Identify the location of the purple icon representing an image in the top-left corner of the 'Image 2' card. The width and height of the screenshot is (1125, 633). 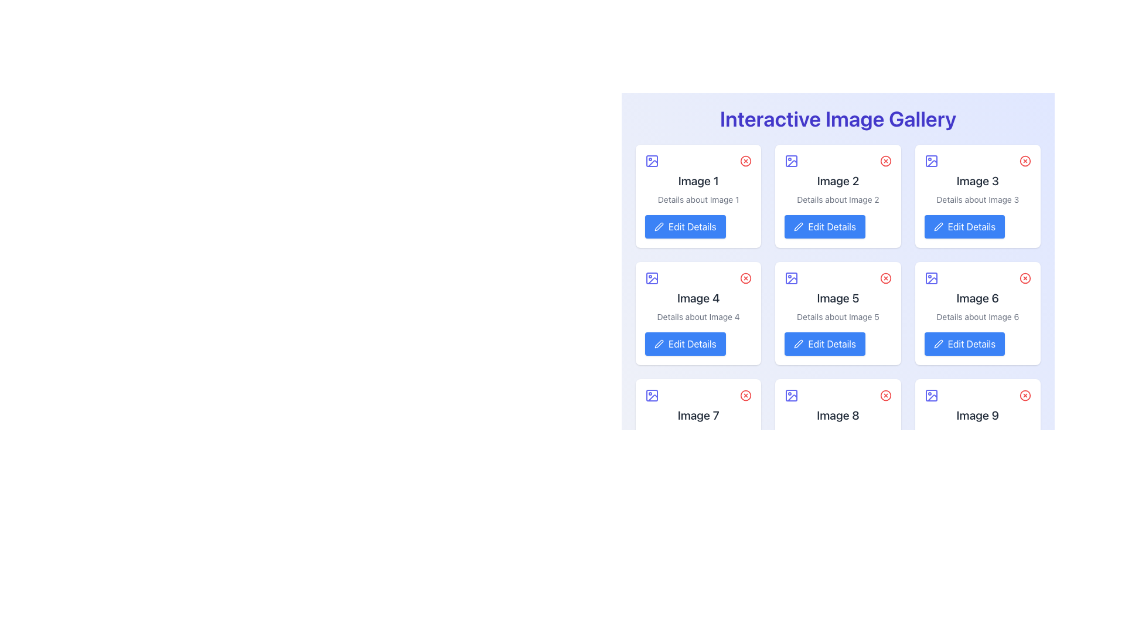
(792, 161).